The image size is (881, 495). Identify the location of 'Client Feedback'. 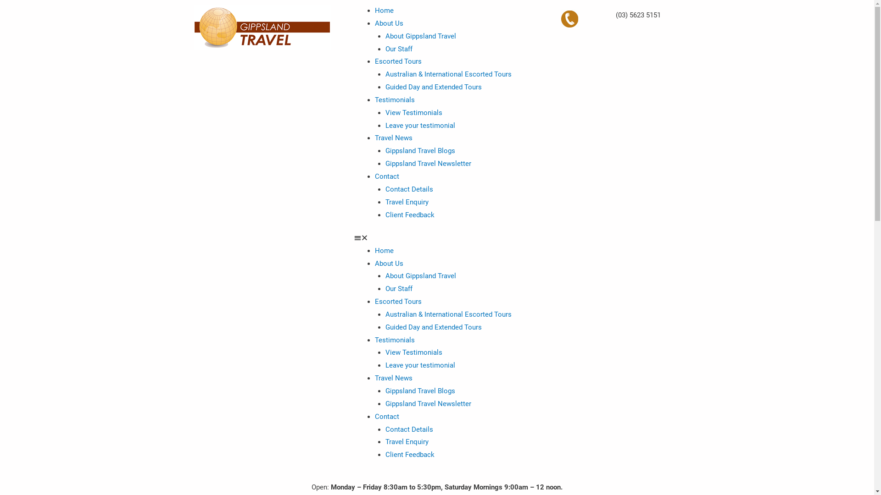
(409, 454).